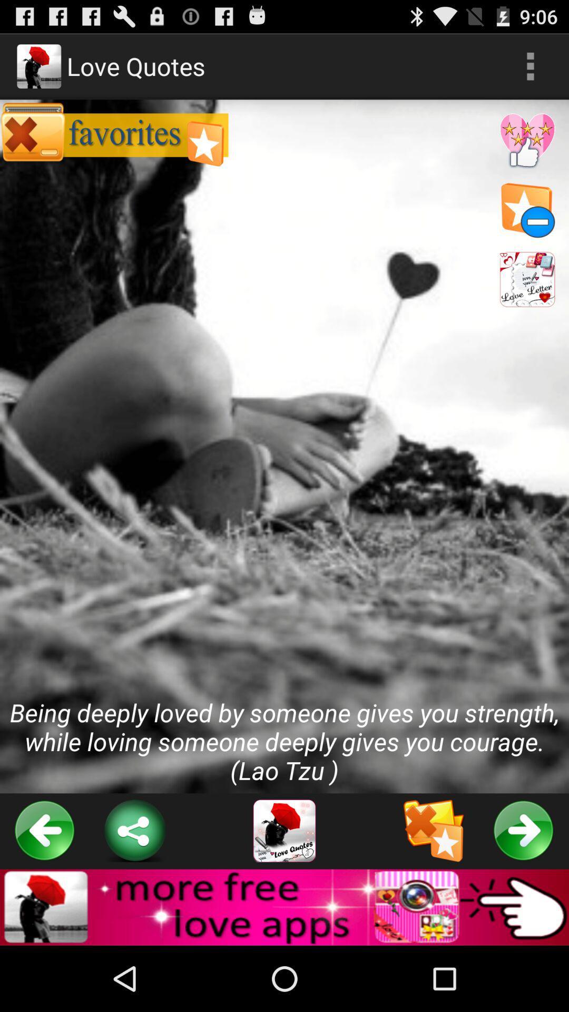 The height and width of the screenshot is (1012, 569). Describe the element at coordinates (527, 225) in the screenshot. I see `the star icon` at that location.